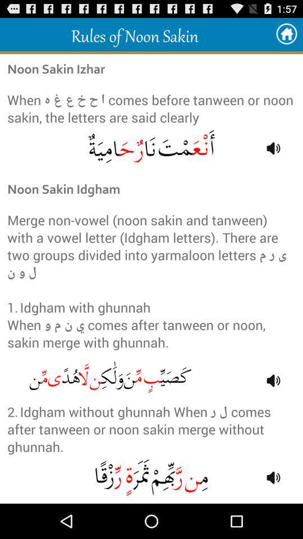  Describe the element at coordinates (286, 36) in the screenshot. I see `the home icon` at that location.